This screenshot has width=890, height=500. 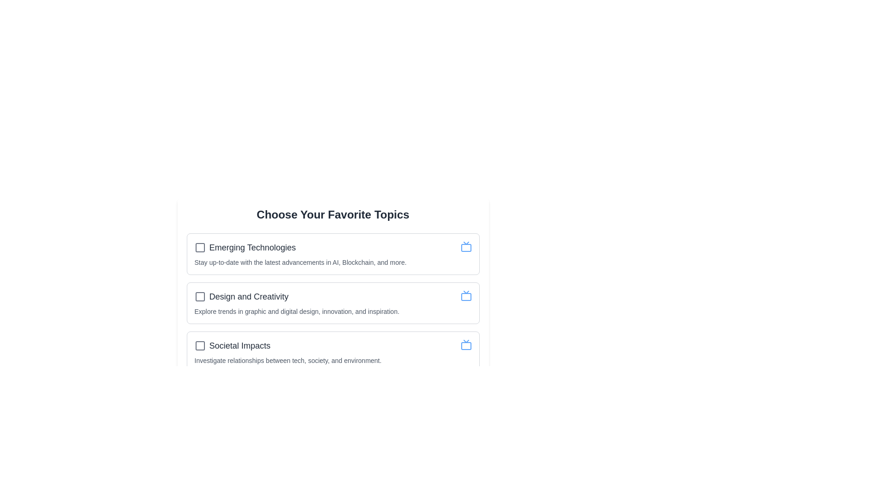 I want to click on the checkbox next to the 'Emerging Technologies' option, so click(x=245, y=247).